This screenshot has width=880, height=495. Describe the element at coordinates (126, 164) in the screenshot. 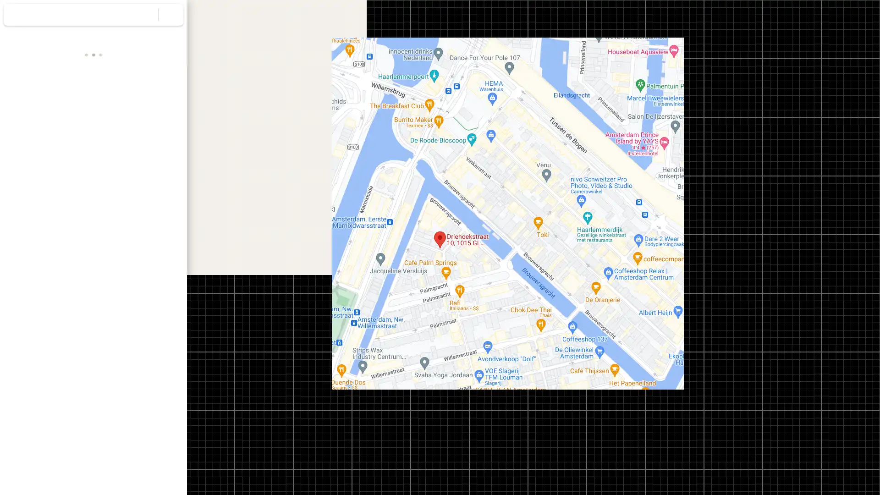

I see `Driehoekstraat 10 naar je telefoon sturen` at that location.